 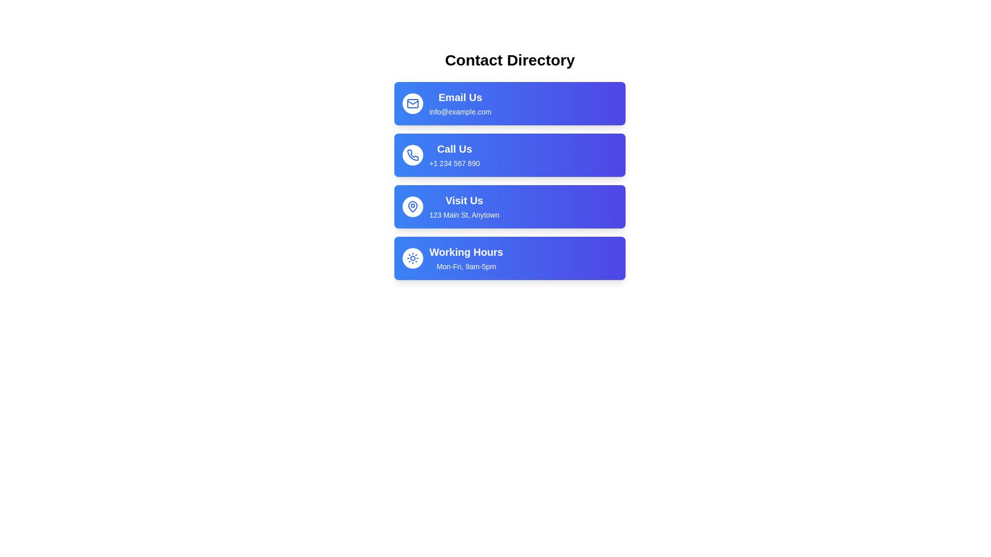 I want to click on the circular Icon Button with a sun-shaped blue icon located in the top left corner of the 'Working Hours' card in the contact directory interface, so click(x=413, y=258).